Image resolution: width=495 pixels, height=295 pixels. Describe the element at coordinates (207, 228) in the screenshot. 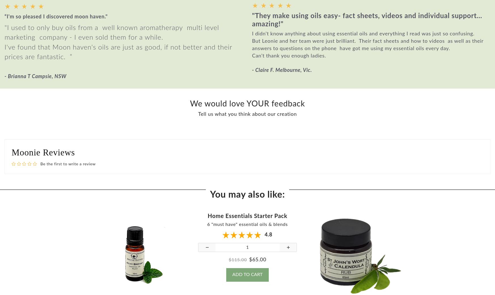

I see `'6 "must have" essential oils & blends'` at that location.